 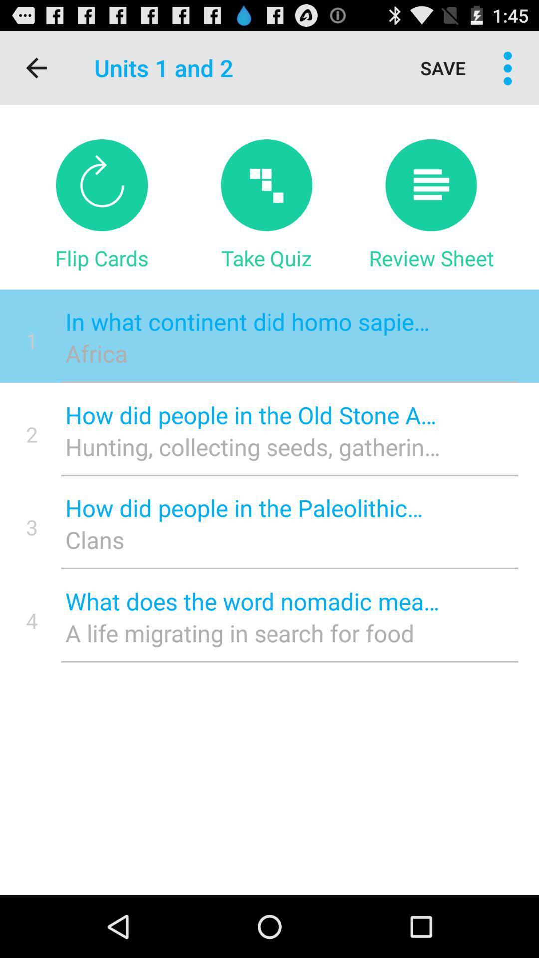 What do you see at coordinates (252, 353) in the screenshot?
I see `the africa` at bounding box center [252, 353].